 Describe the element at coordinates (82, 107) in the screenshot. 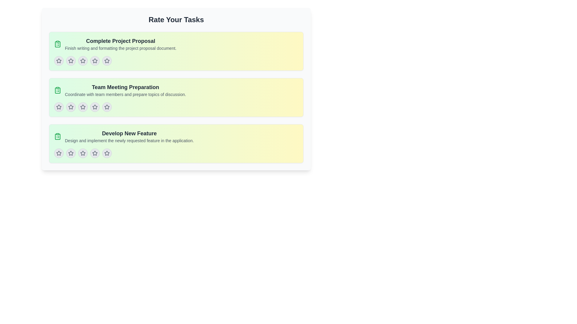

I see `the second star icon in the horizontal rating feature located under the 'Team Meeting Preparation' task card` at that location.